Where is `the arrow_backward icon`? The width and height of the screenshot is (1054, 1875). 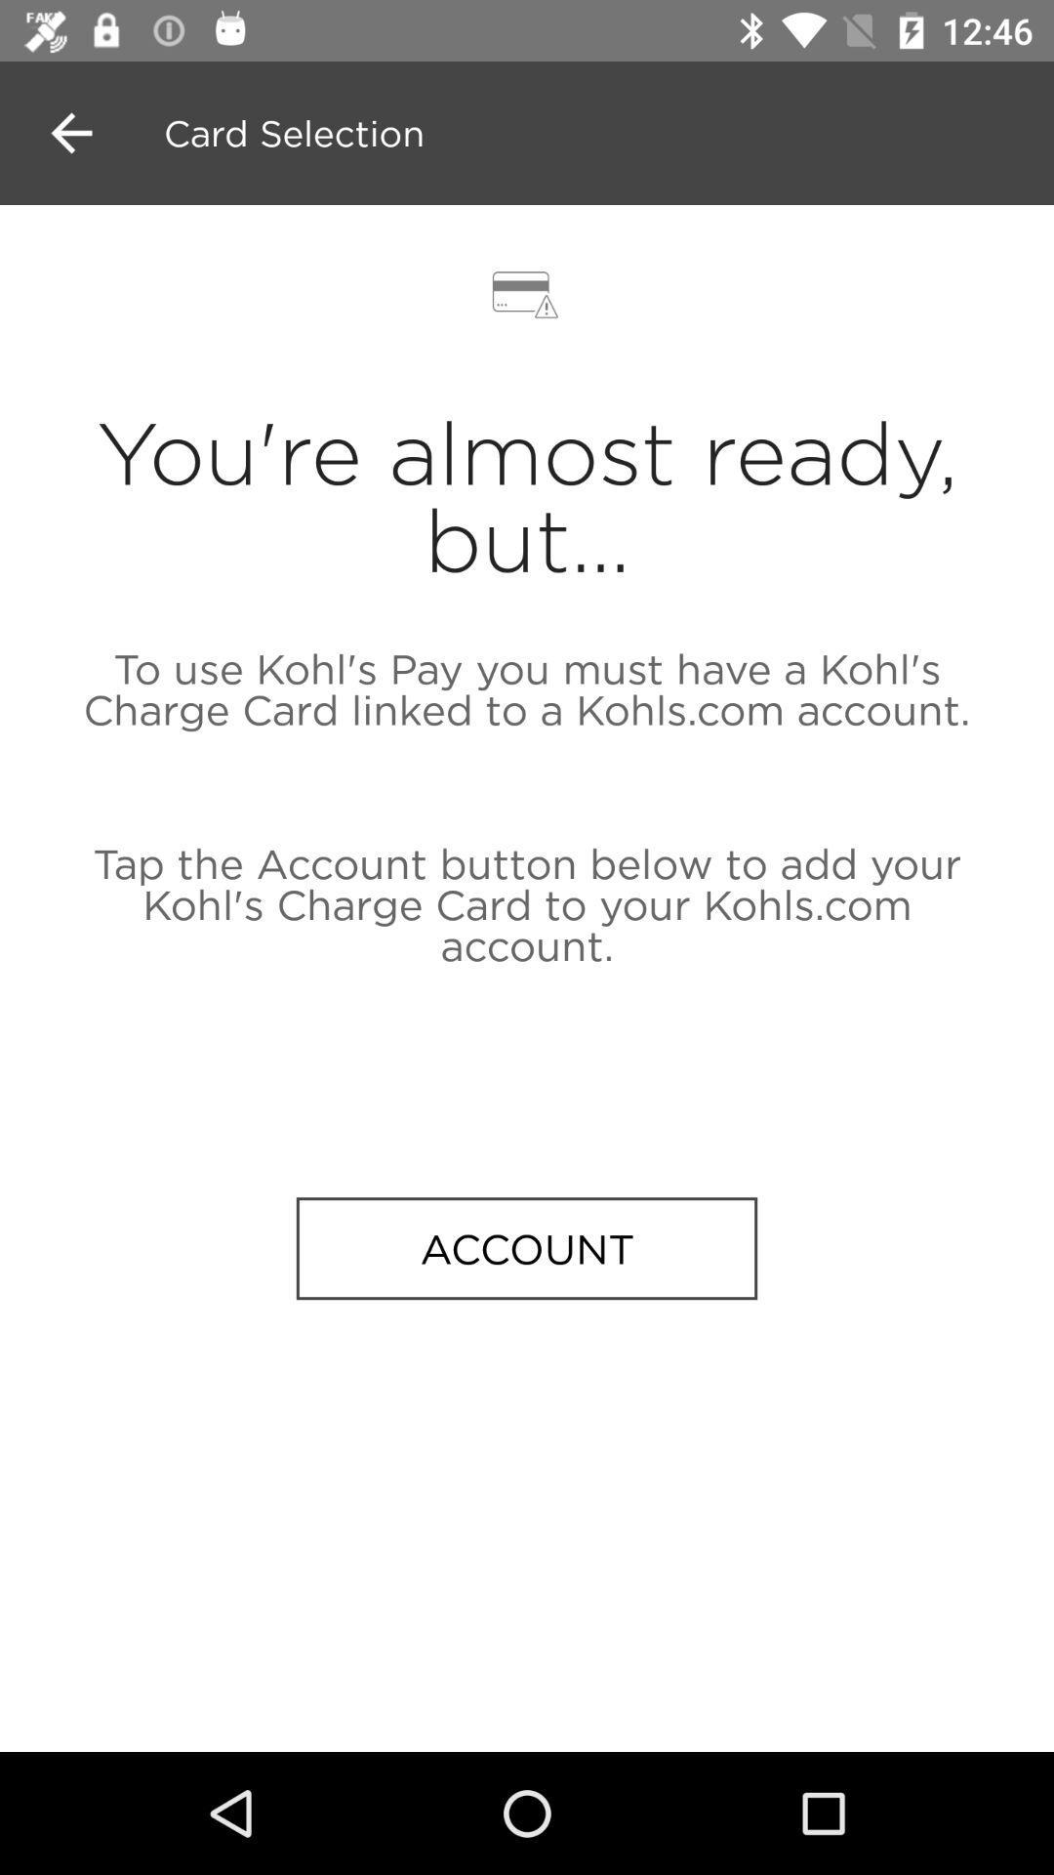 the arrow_backward icon is located at coordinates (70, 132).